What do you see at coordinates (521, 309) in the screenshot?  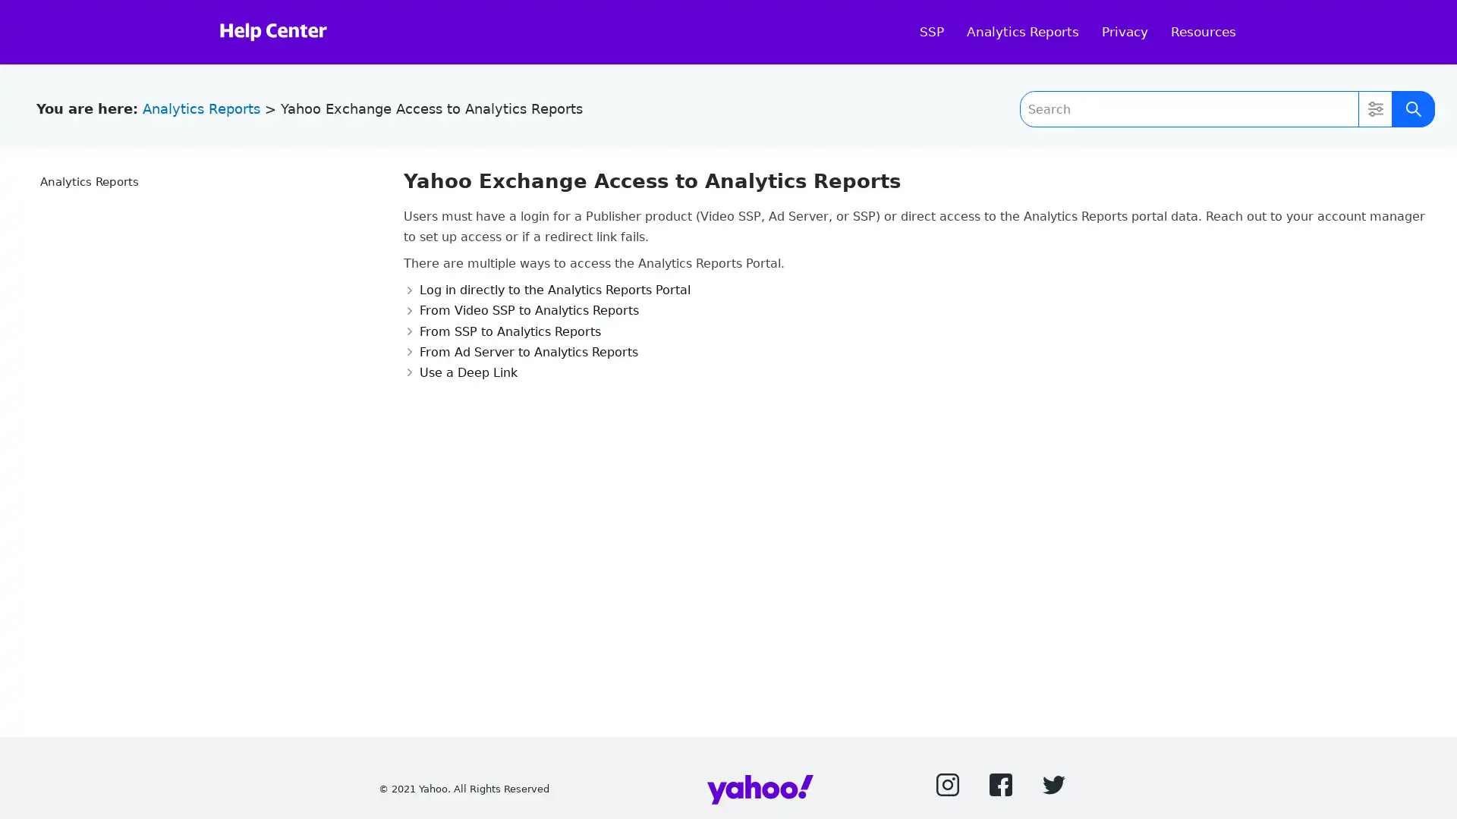 I see `Closed From Video SSP to Analytics Reports` at bounding box center [521, 309].